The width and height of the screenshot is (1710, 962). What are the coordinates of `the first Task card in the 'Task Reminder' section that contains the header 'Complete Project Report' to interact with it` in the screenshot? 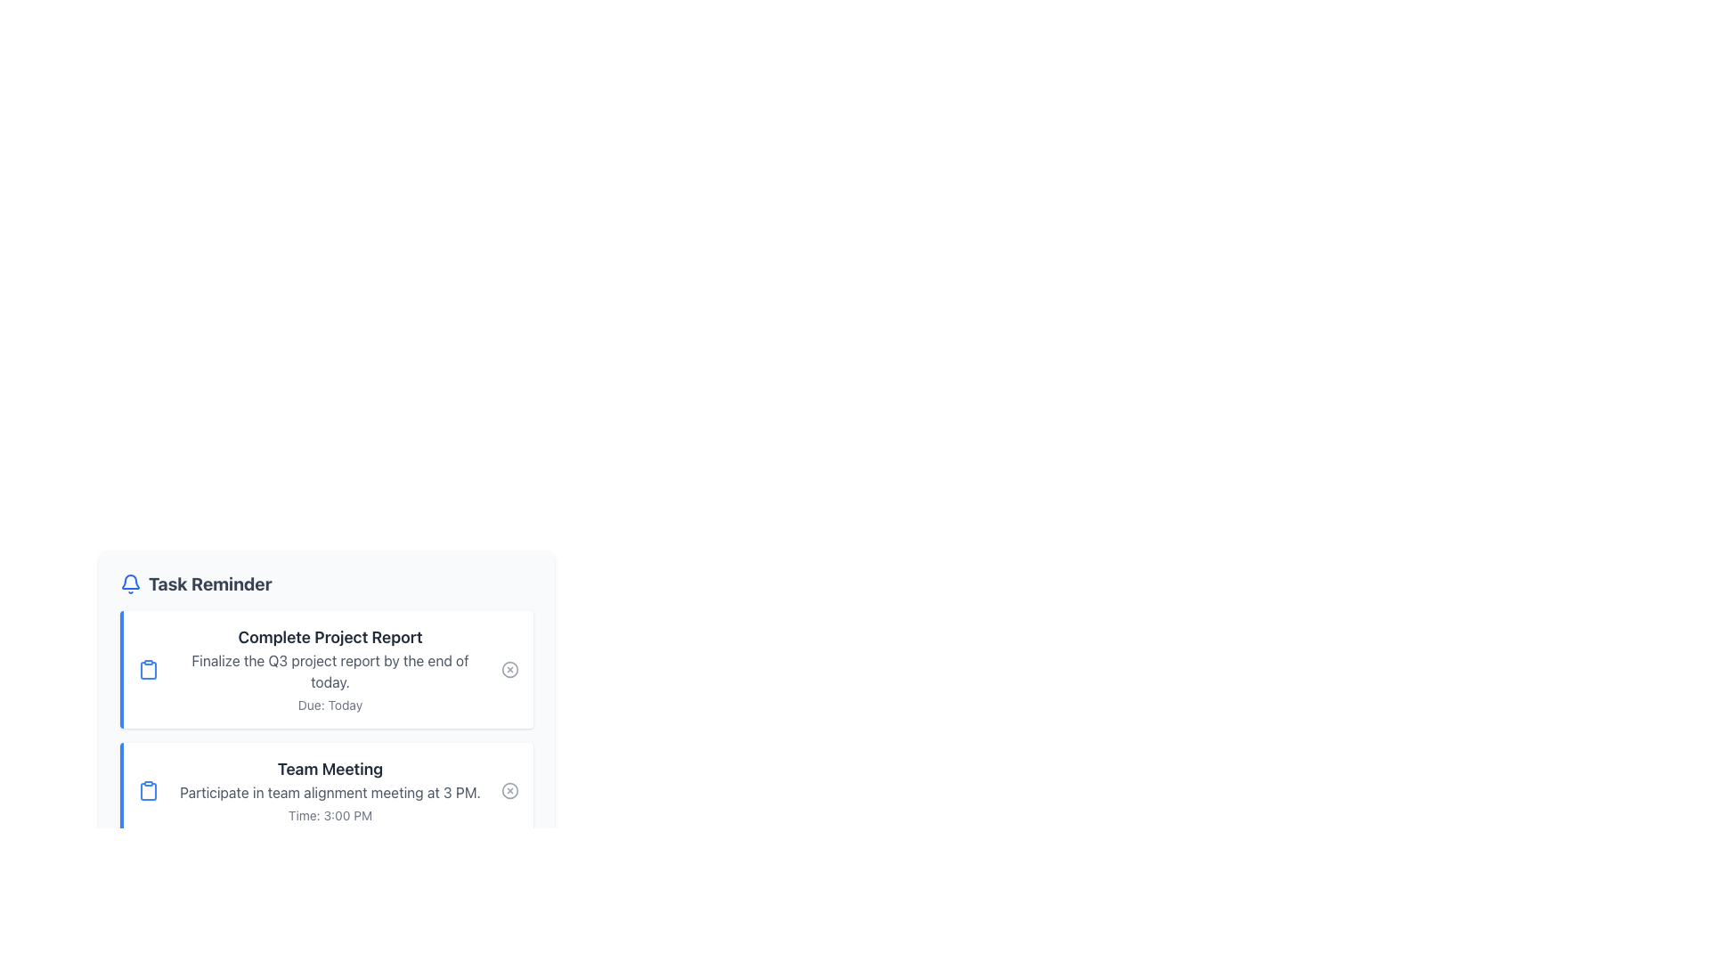 It's located at (329, 670).